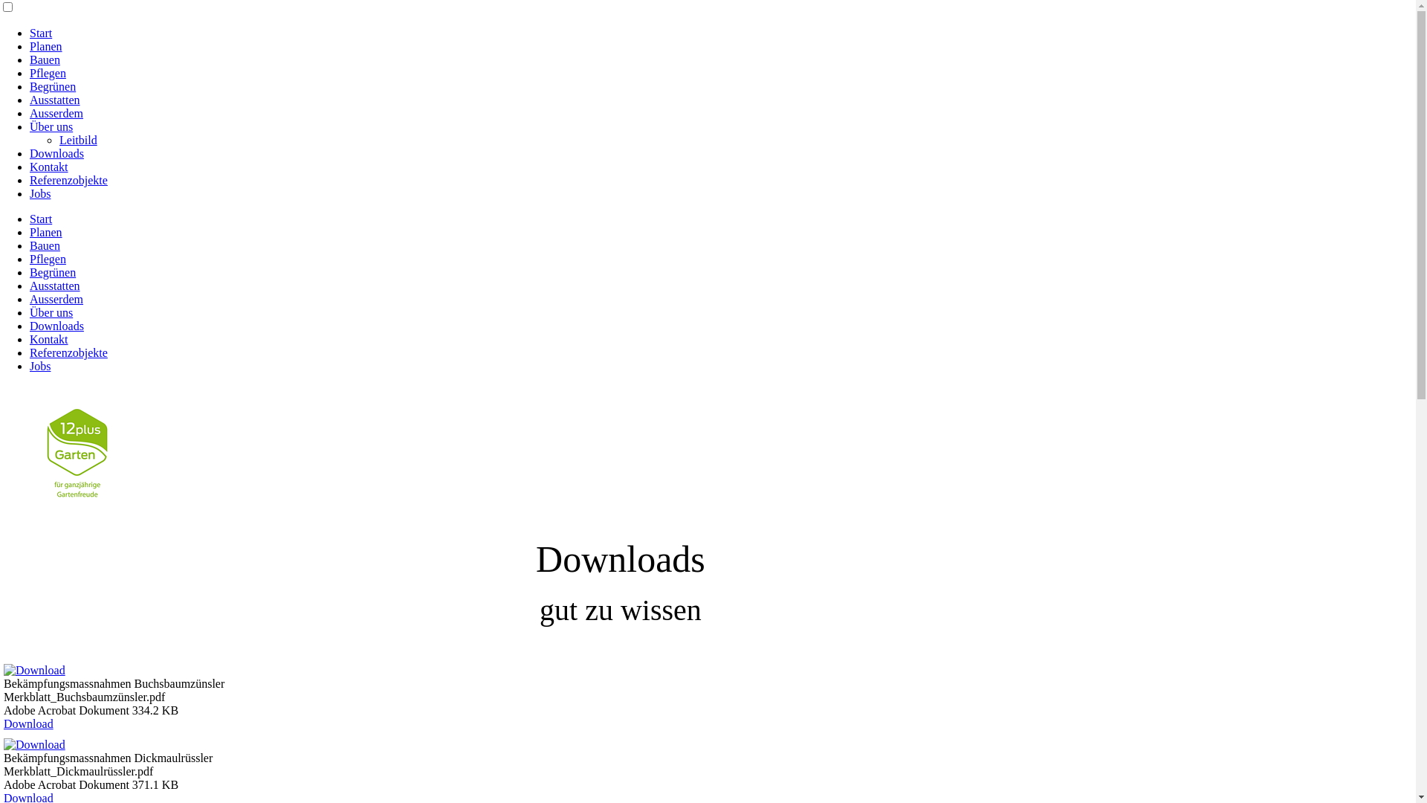 This screenshot has height=803, width=1427. Describe the element at coordinates (39, 366) in the screenshot. I see `'Jobs'` at that location.